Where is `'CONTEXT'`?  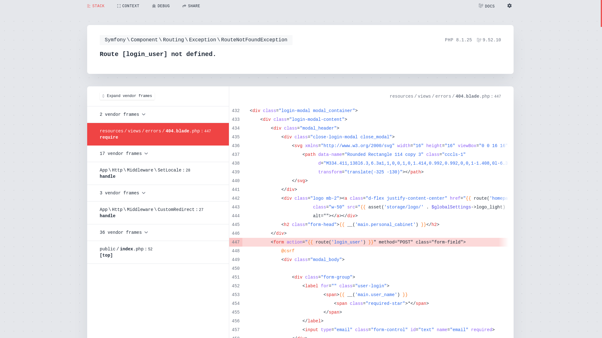 'CONTEXT' is located at coordinates (111, 6).